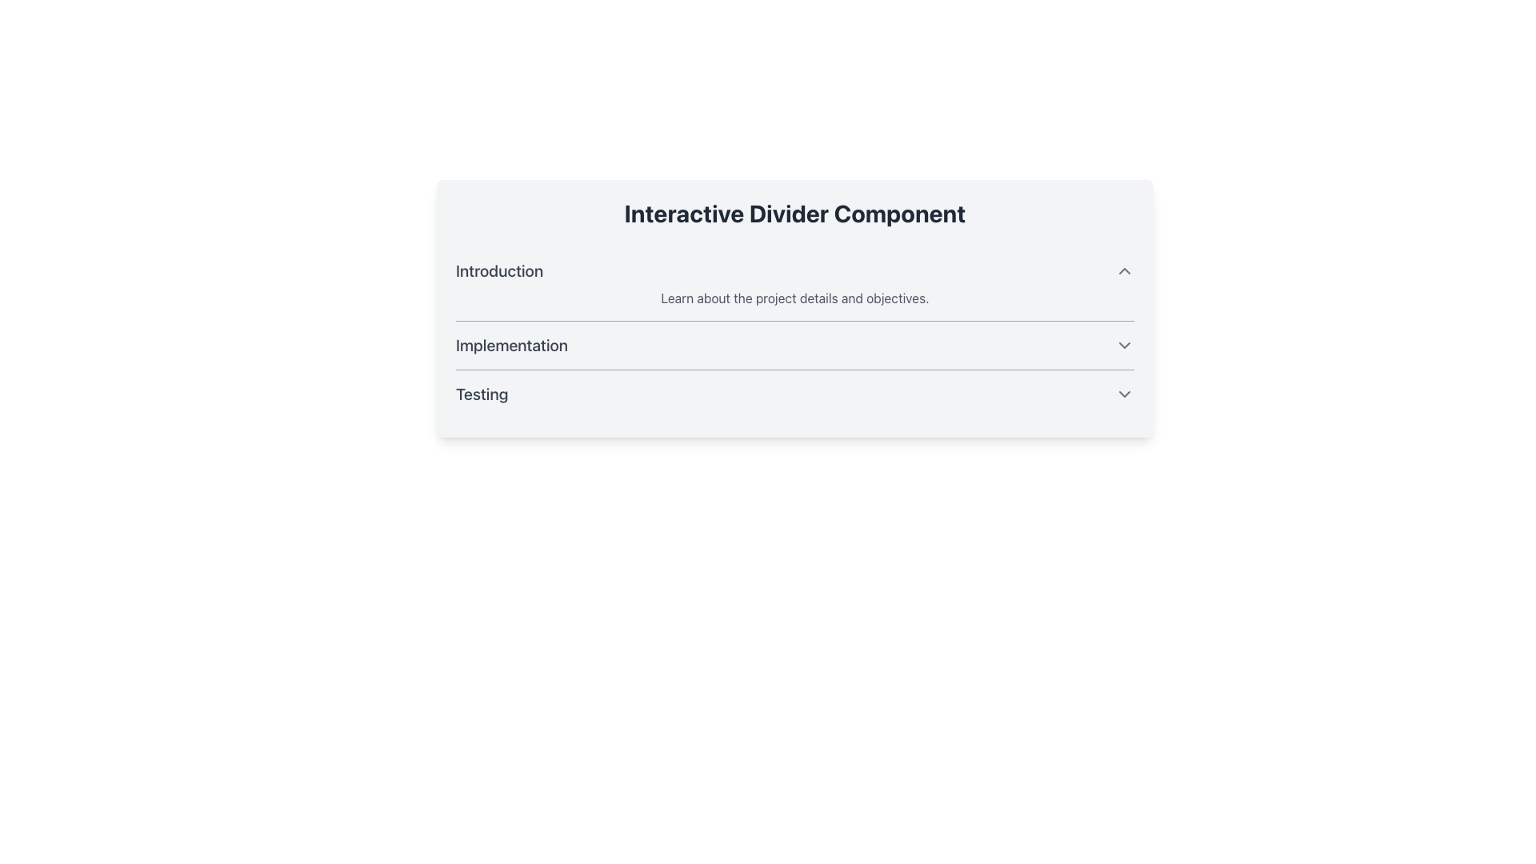 The height and width of the screenshot is (864, 1536). Describe the element at coordinates (794, 298) in the screenshot. I see `the informational Text label located directly below the 'Introduction' header, which provides an overview related to the Introduction section of the interactive divider component` at that location.